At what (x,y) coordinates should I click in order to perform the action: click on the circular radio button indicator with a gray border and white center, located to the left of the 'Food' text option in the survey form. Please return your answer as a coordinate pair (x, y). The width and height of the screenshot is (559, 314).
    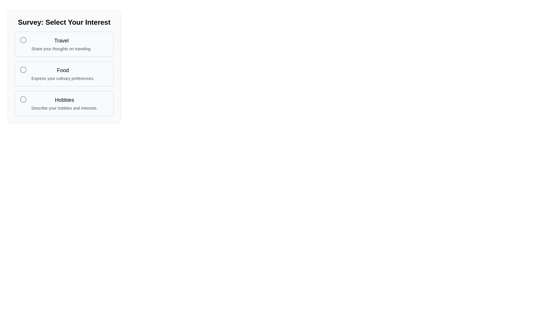
    Looking at the image, I should click on (23, 69).